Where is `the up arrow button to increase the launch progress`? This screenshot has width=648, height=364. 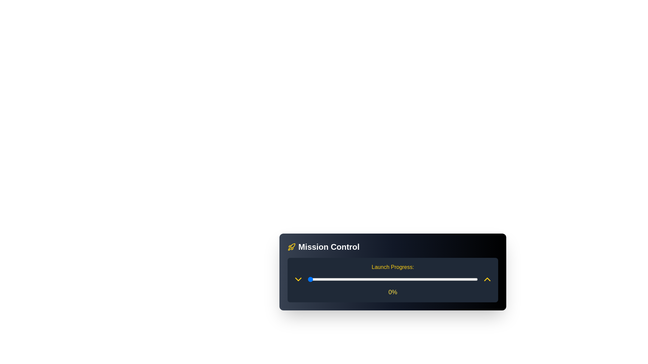
the up arrow button to increase the launch progress is located at coordinates (487, 279).